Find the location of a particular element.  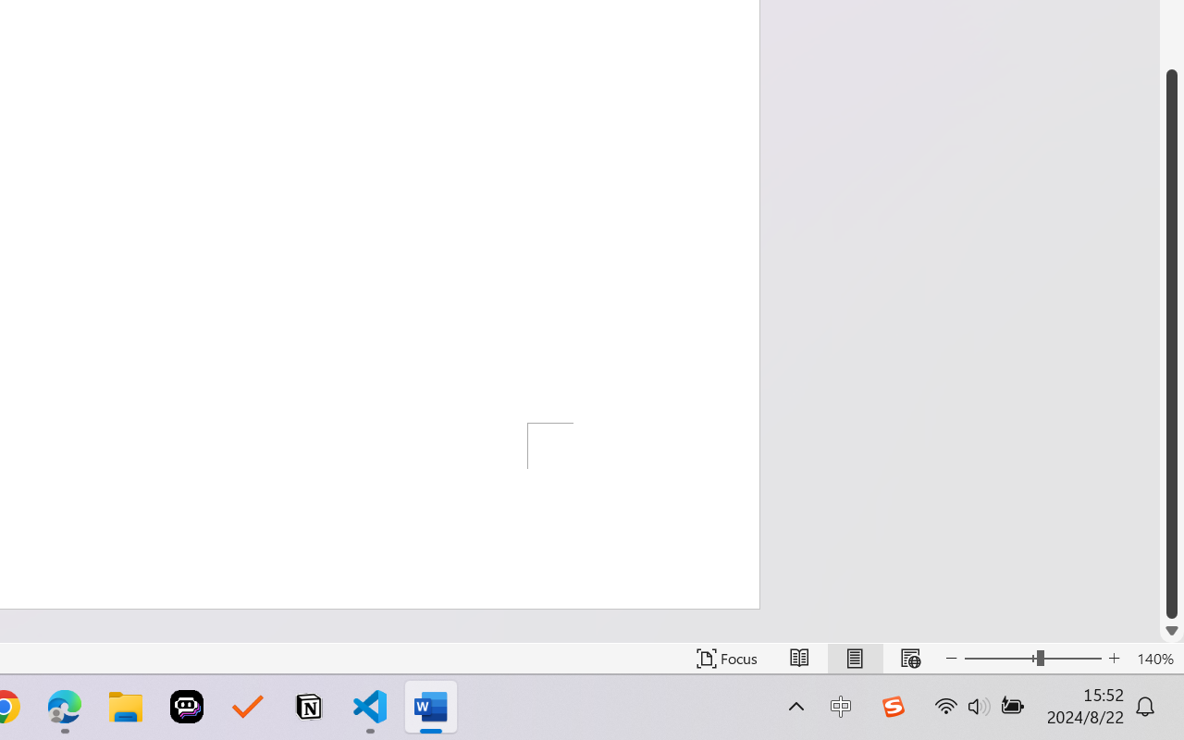

'Web Layout' is located at coordinates (910, 658).